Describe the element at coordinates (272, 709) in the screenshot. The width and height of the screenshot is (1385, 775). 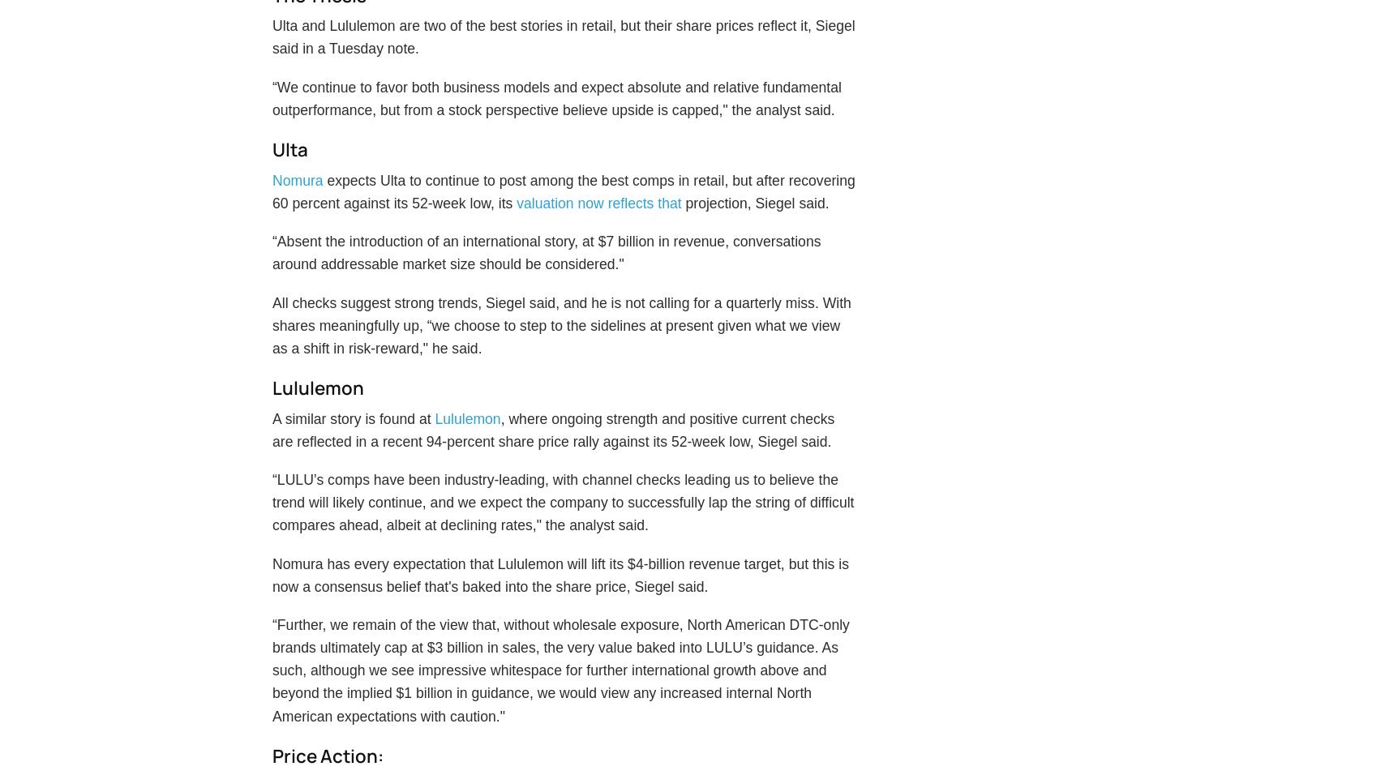
I see `'“Further, we remain of the view that, without wholesale exposure, North American DTC-only brands ultimately cap at $3 billion in sales, the very value baked into LULU’s guidance. As such, although we see impressive whitespace for further international growth above and beyond the implied $1 billion in guidance, we would view any increased internal North American expectations with caution."'` at that location.